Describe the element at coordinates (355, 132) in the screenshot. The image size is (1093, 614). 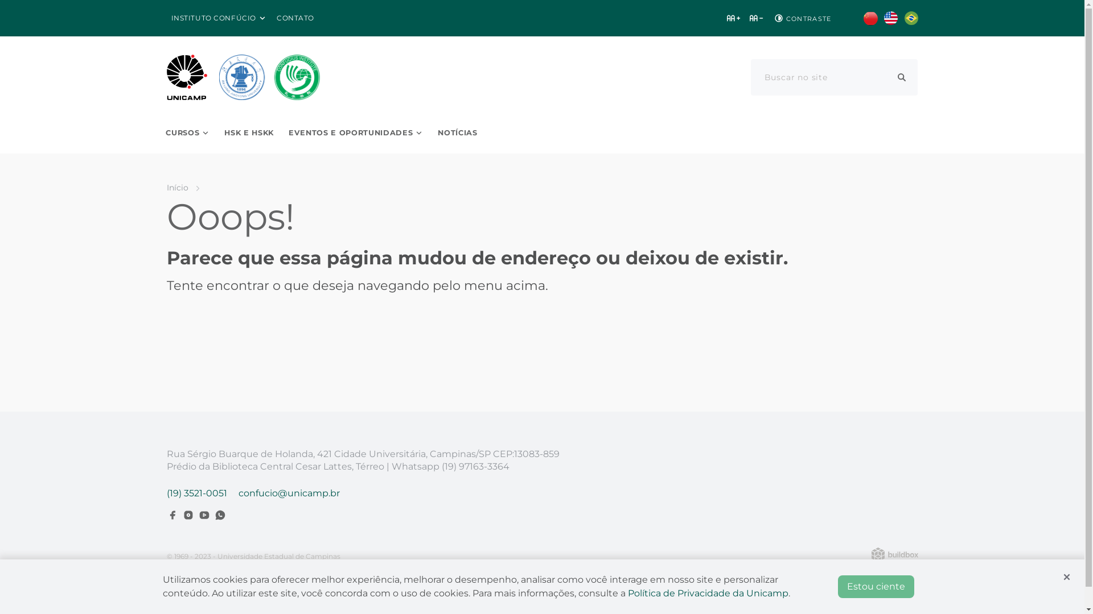
I see `'EVENTOS E OPORTUNIDADES'` at that location.